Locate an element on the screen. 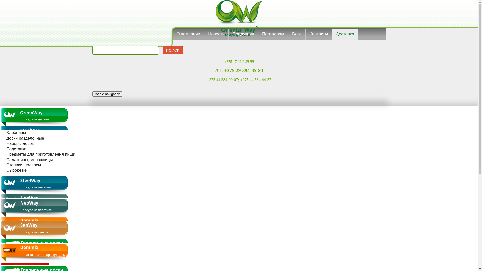  'Toggle navigation' is located at coordinates (107, 94).